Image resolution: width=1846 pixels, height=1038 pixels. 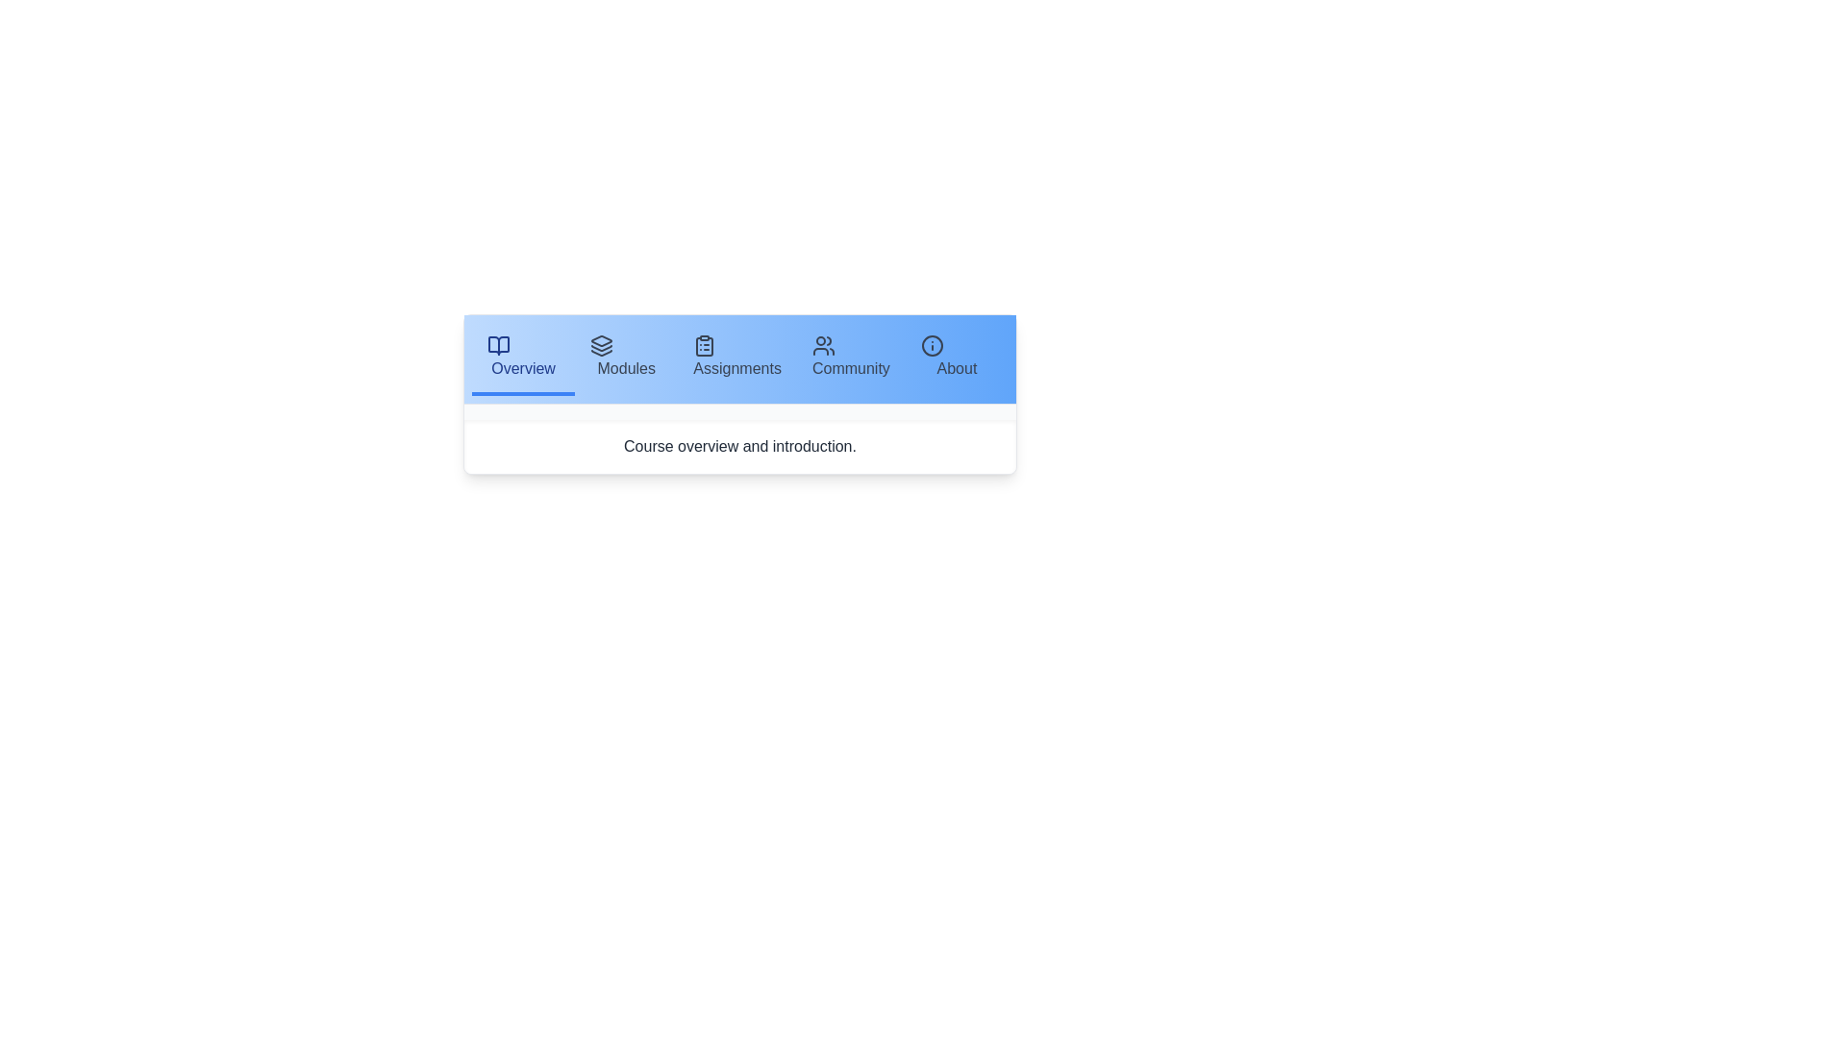 What do you see at coordinates (850, 359) in the screenshot?
I see `the 'Community' button located in the horizontal navigation bar` at bounding box center [850, 359].